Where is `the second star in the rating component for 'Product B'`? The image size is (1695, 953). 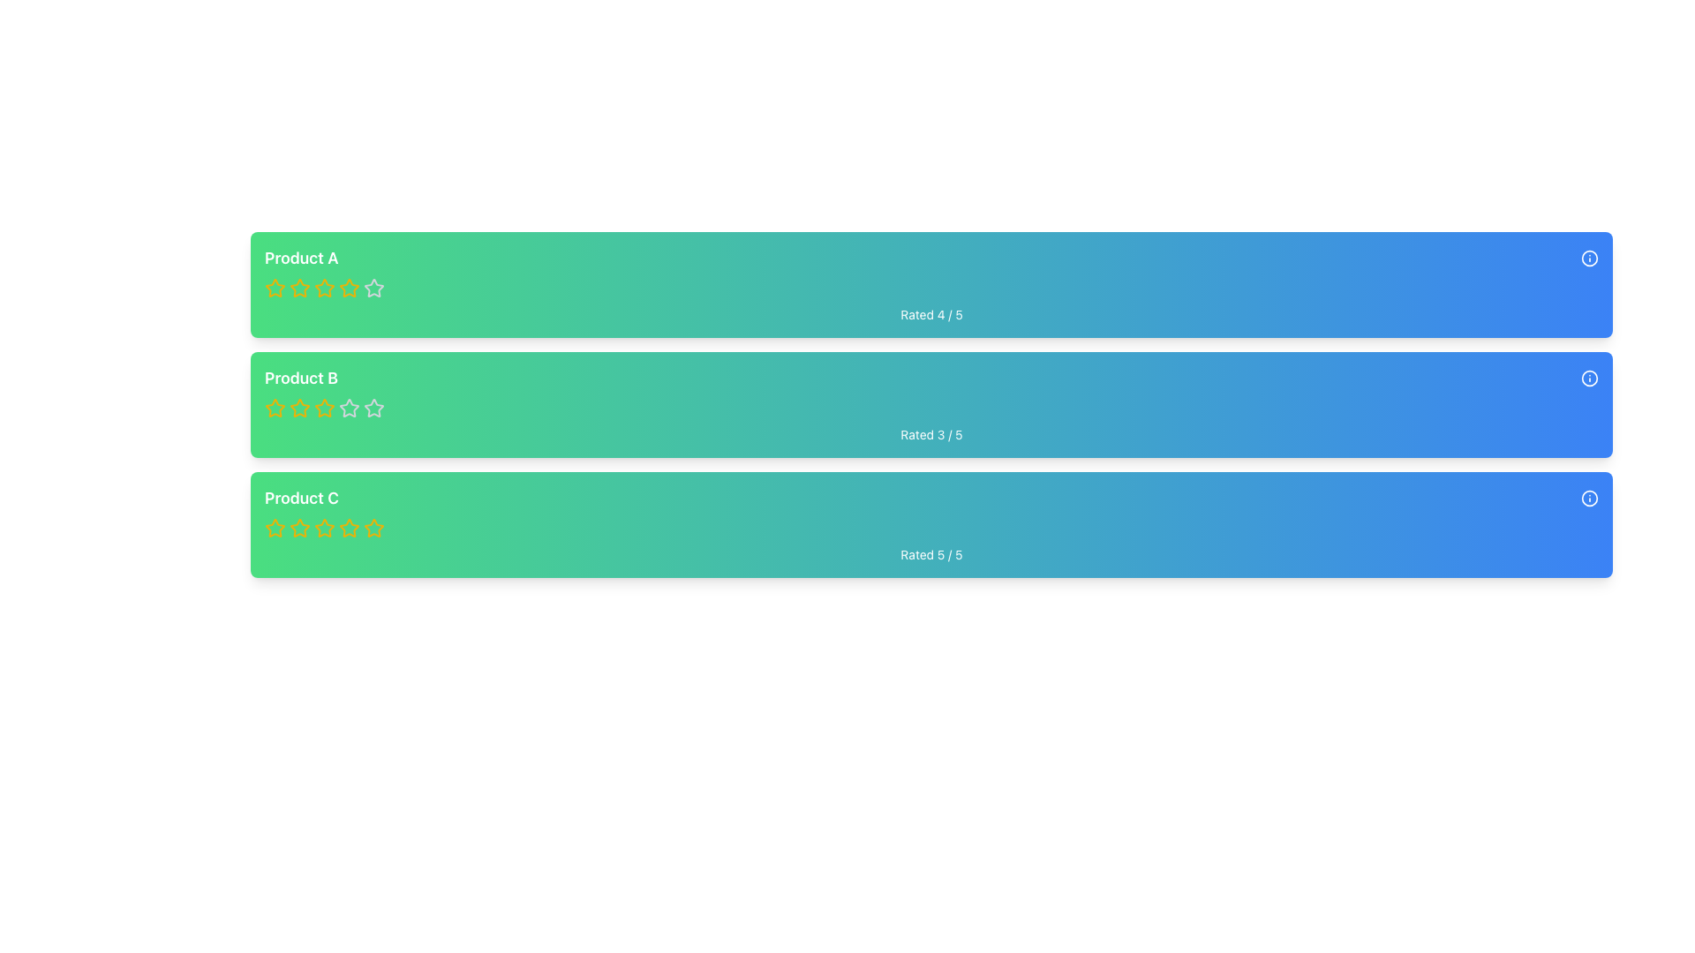
the second star in the rating component for 'Product B' is located at coordinates (325, 408).